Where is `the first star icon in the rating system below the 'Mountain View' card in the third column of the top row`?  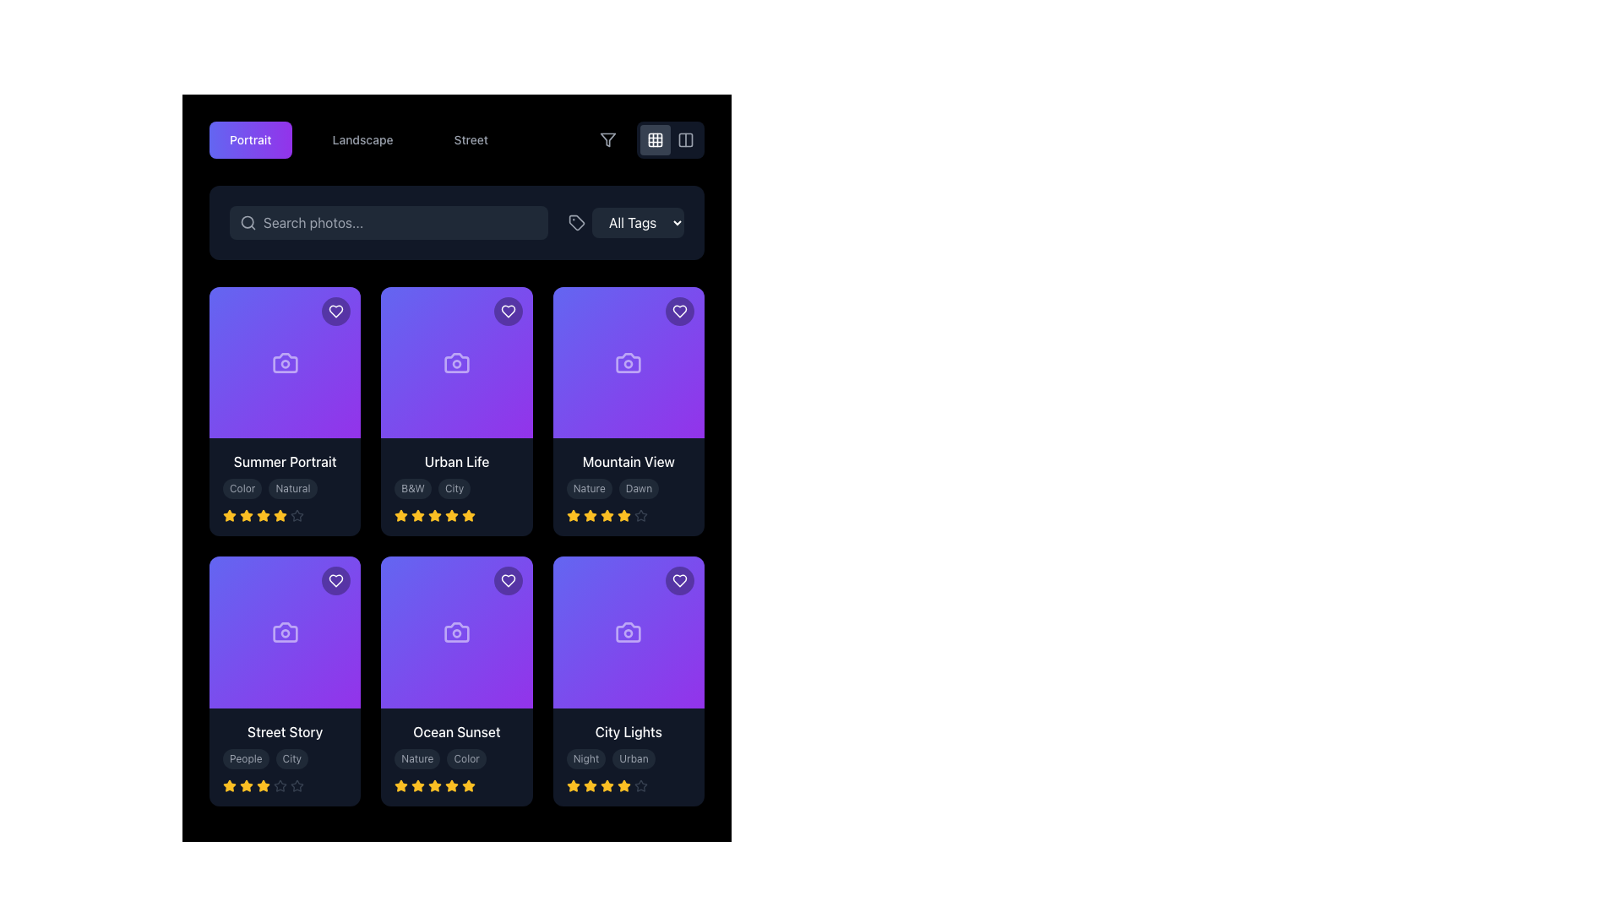
the first star icon in the rating system below the 'Mountain View' card in the third column of the top row is located at coordinates (573, 515).